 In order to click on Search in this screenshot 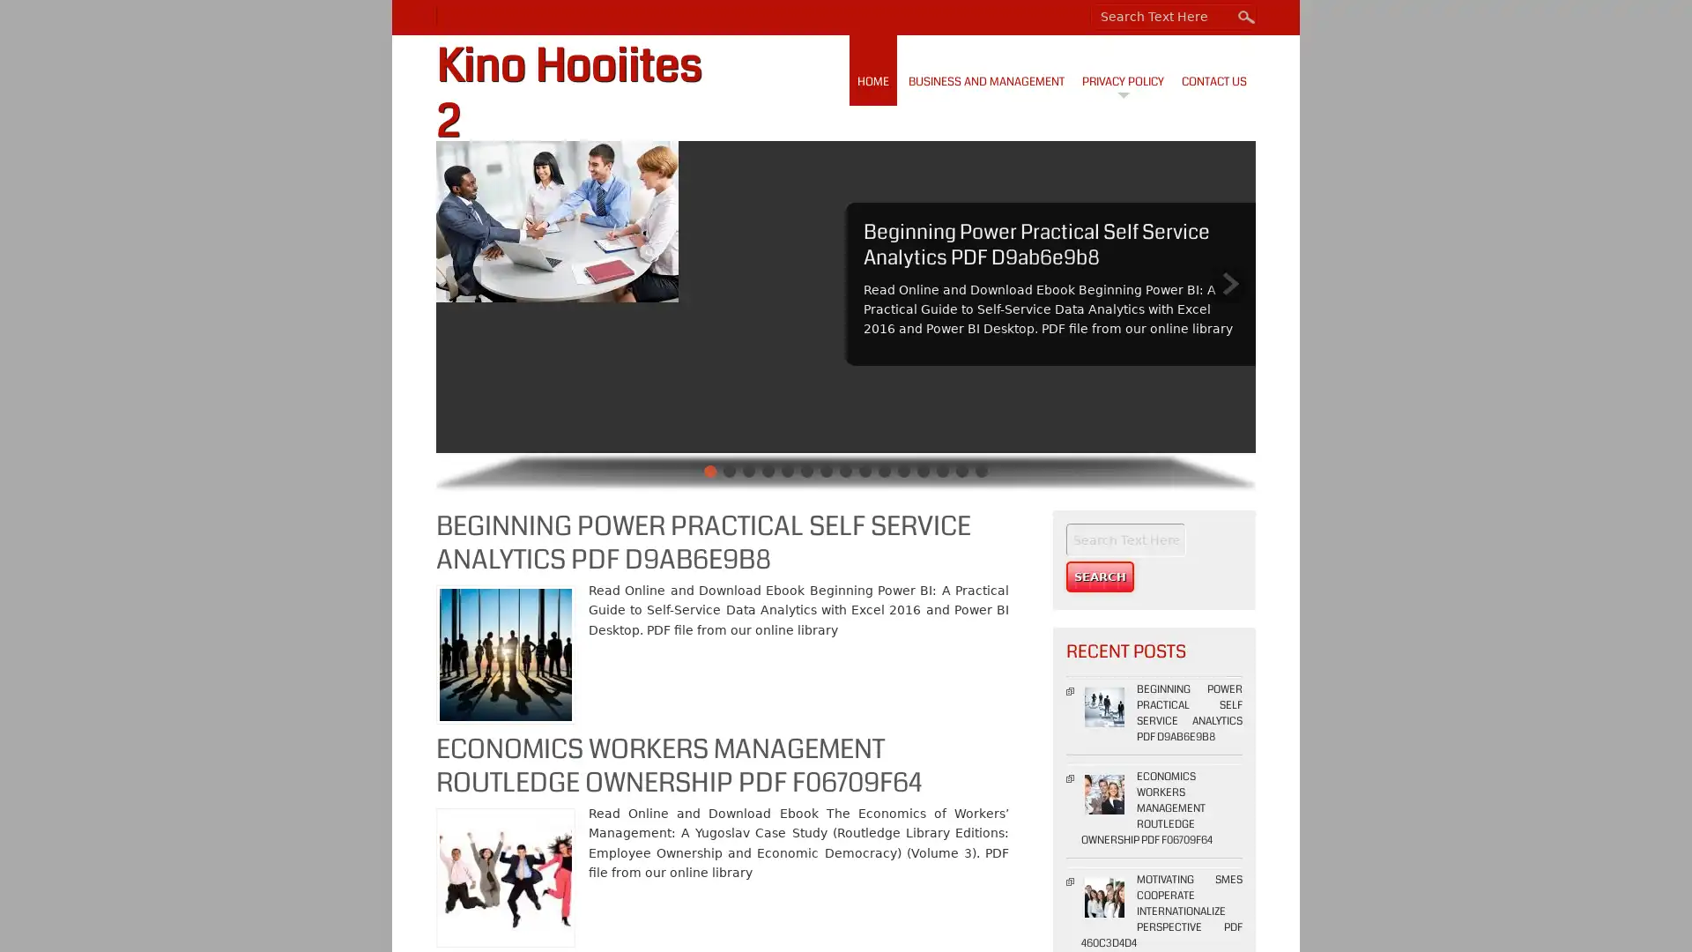, I will do `click(1099, 576)`.